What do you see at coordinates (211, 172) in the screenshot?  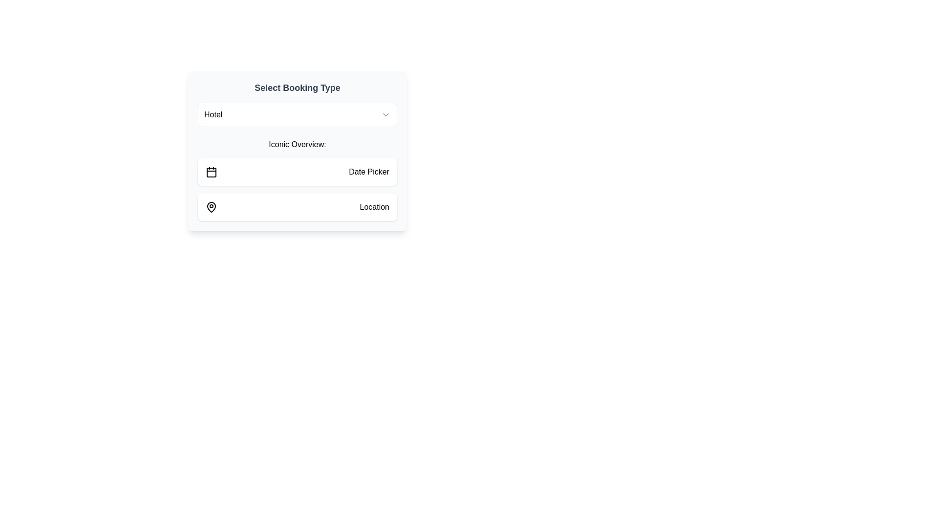 I see `the rectangular component with rounded corners within the SVG calendar icon, located in the 'Iconic Overview' section below the 'Select Booking Type' header and to the left of the 'Date Picker' text` at bounding box center [211, 172].